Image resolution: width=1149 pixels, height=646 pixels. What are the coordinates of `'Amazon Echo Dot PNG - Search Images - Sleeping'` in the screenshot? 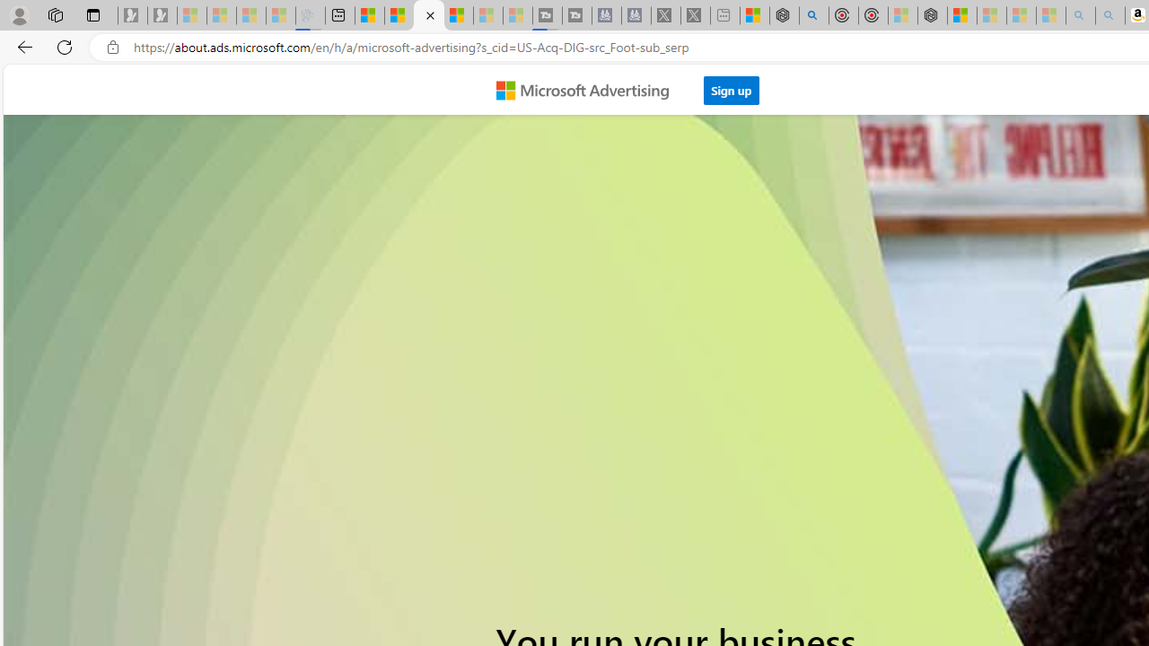 It's located at (1110, 15).